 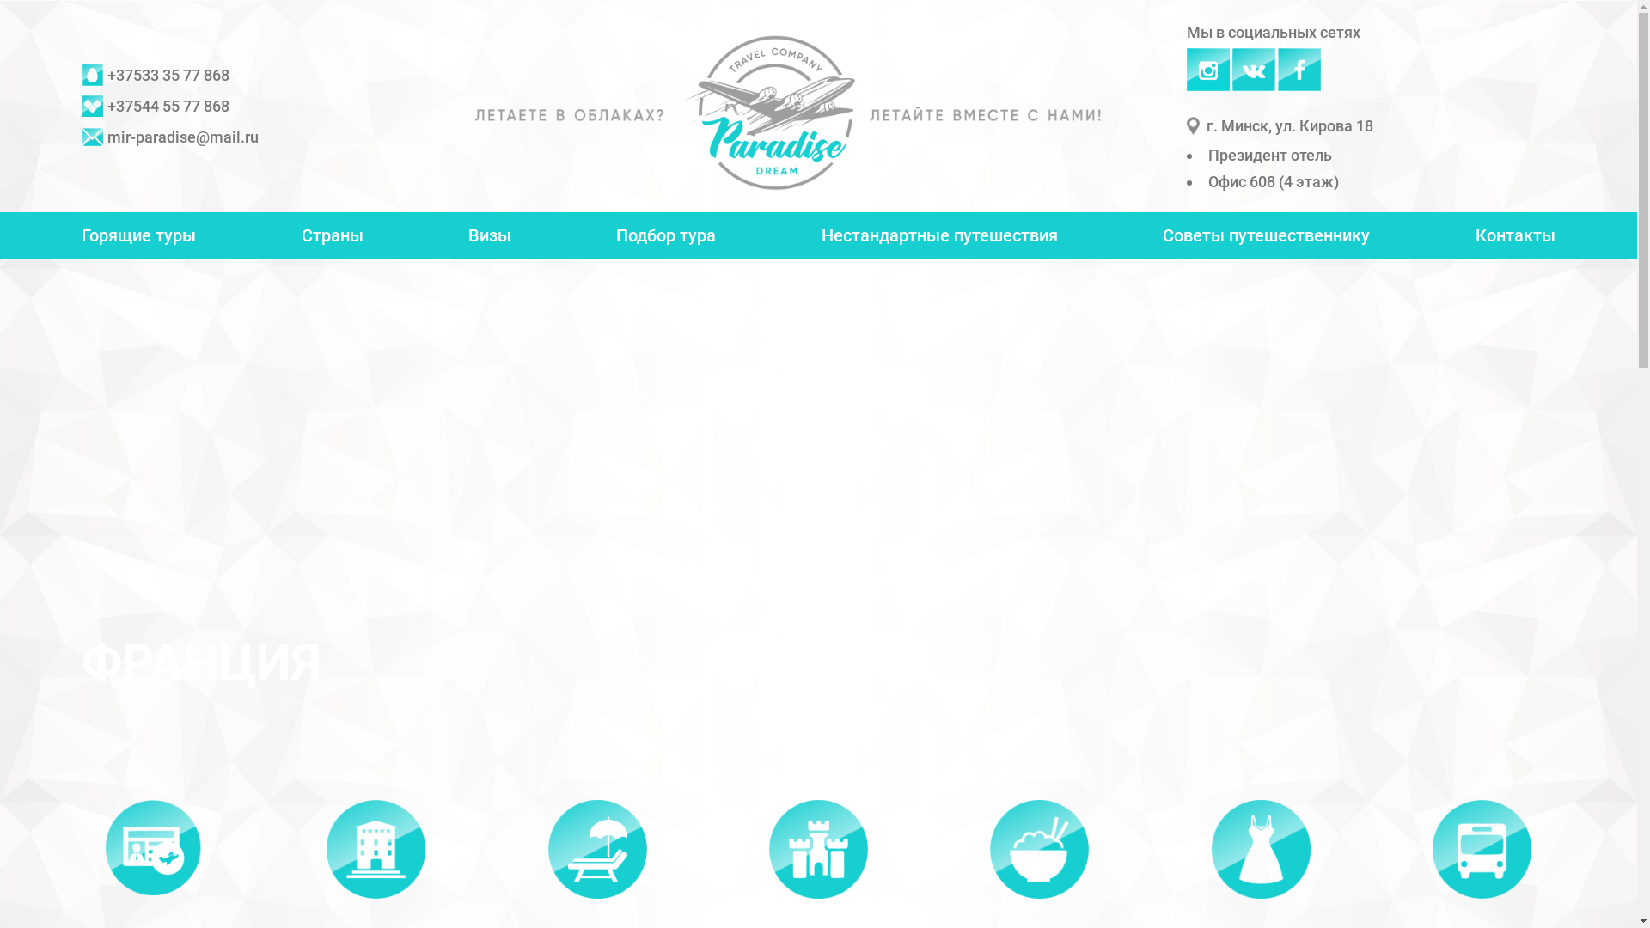 What do you see at coordinates (156, 106) in the screenshot?
I see `'+37544 55 77 868'` at bounding box center [156, 106].